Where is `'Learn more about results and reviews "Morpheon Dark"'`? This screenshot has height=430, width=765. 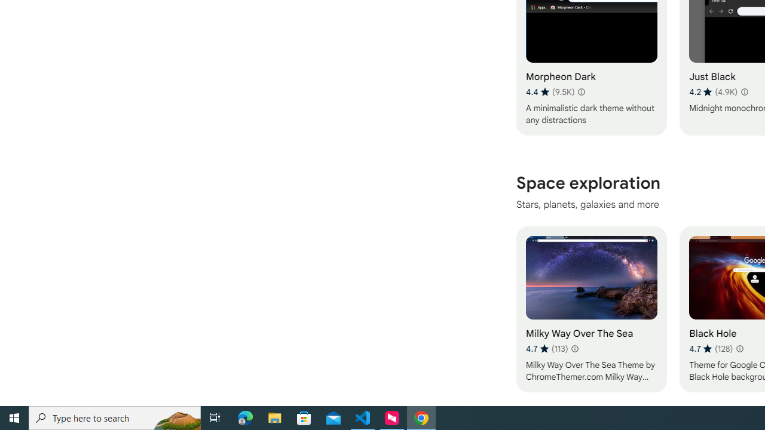
'Learn more about results and reviews "Morpheon Dark"' is located at coordinates (581, 91).